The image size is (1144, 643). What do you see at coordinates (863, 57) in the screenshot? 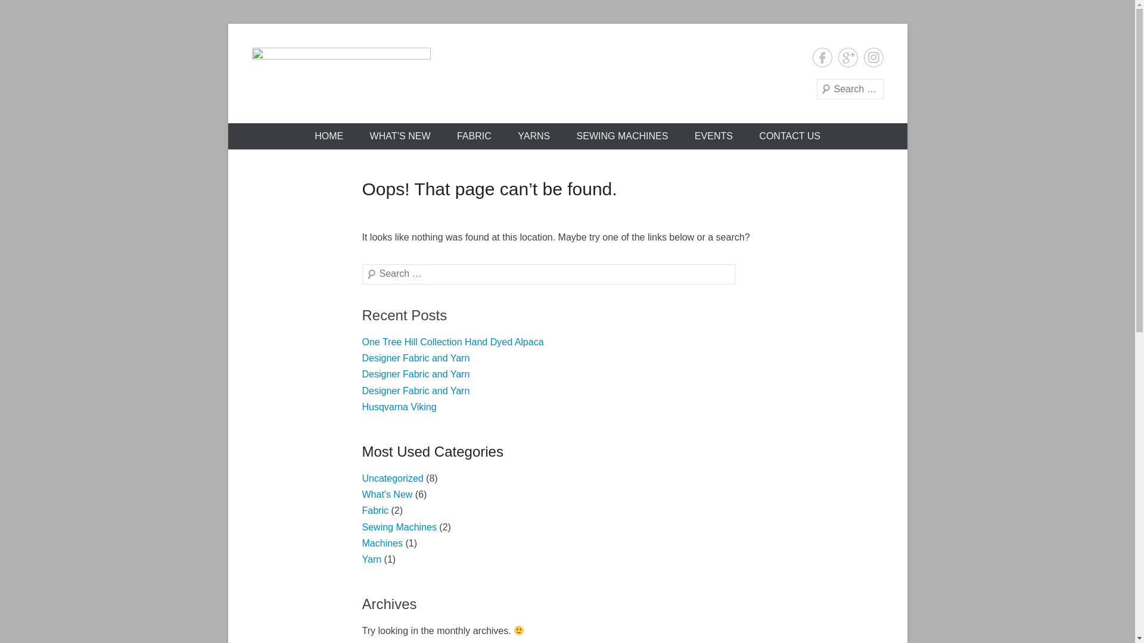
I see `'Instagram'` at bounding box center [863, 57].